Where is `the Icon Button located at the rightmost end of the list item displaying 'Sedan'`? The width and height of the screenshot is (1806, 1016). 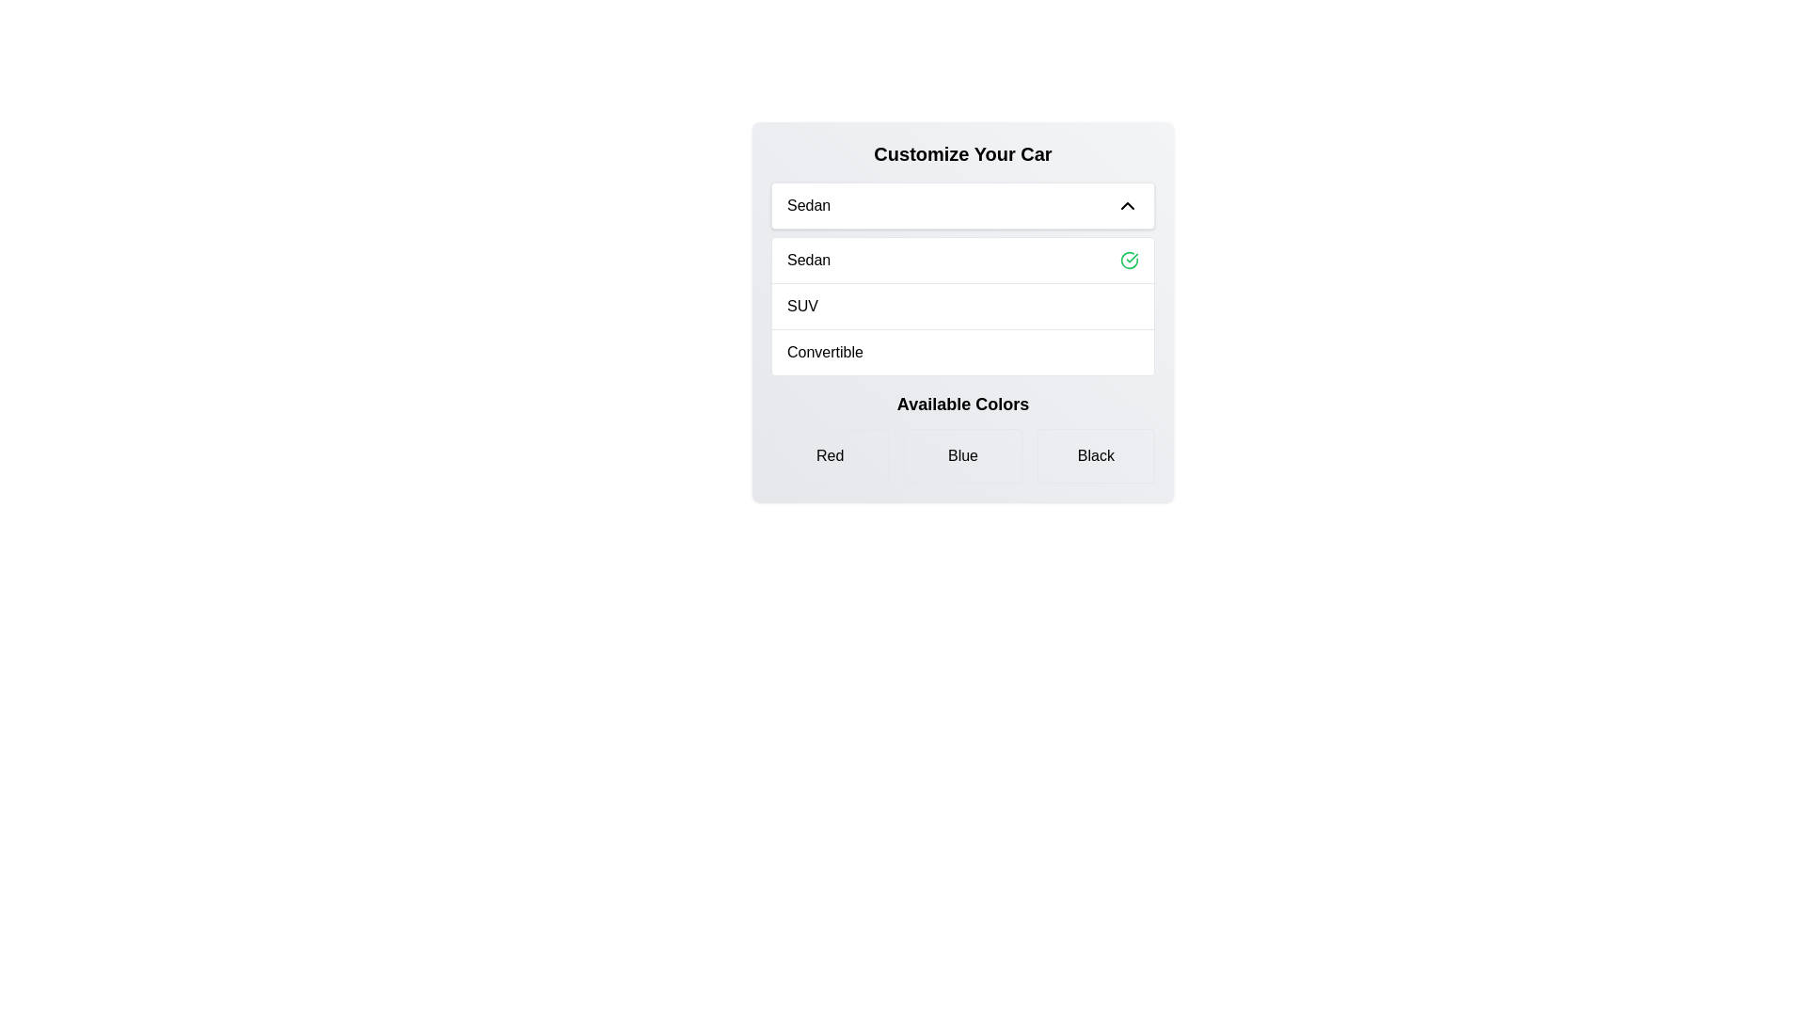 the Icon Button located at the rightmost end of the list item displaying 'Sedan' is located at coordinates (1128, 206).